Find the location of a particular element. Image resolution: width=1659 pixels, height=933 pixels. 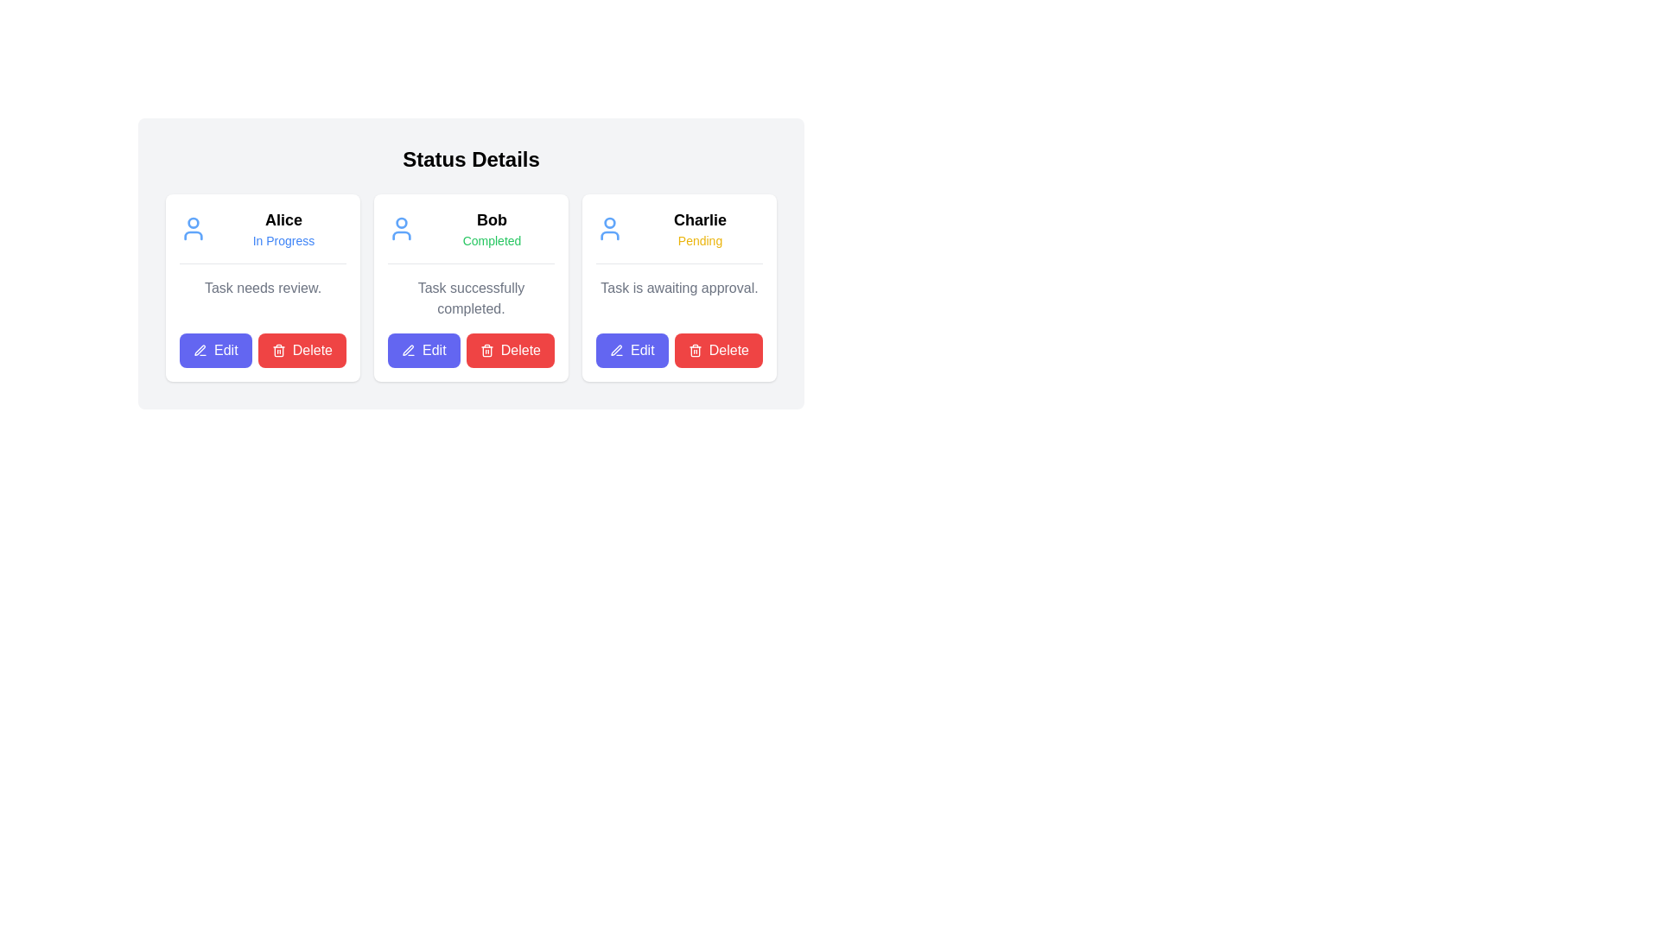

the decorative graphic representing the lower section of the user icon within the 'Alice' card, located at the top-left corner of the grid layout is located at coordinates (194, 236).